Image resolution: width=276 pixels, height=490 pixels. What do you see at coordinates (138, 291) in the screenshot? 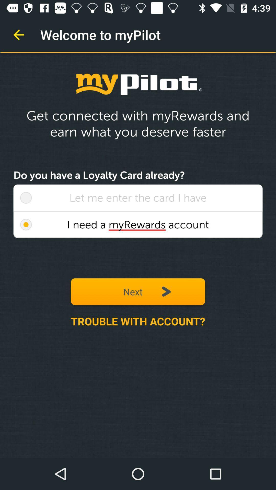
I see `the next item` at bounding box center [138, 291].